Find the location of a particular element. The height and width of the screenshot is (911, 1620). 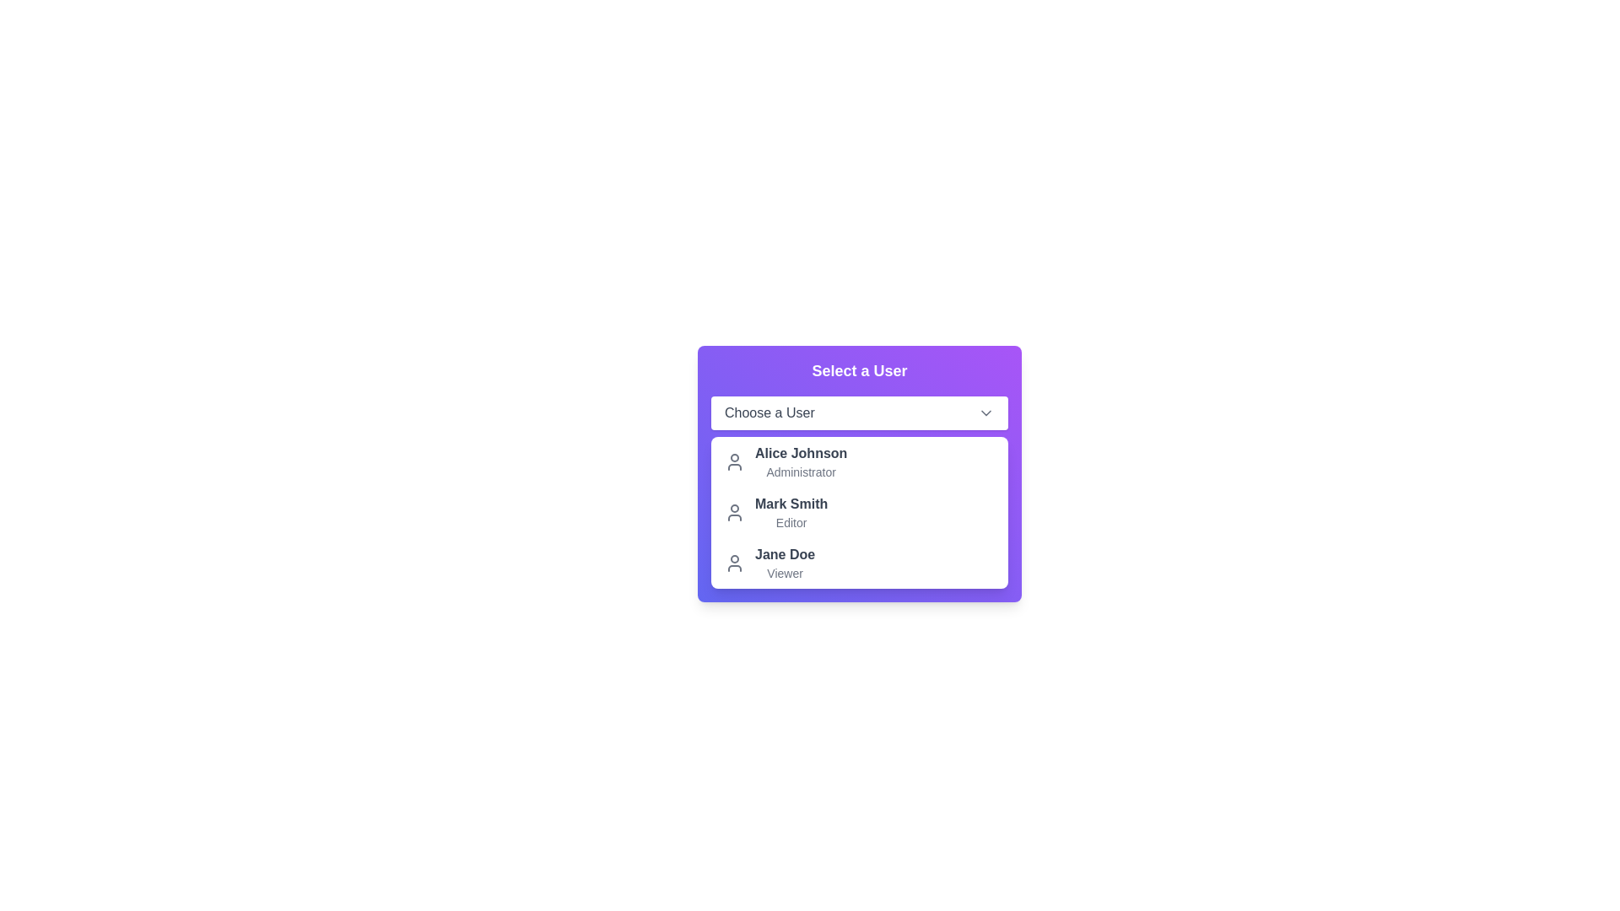

the second user option 'Mark Smith (Editor)' in the dropdown list styled with a white background and rounded corners is located at coordinates (859, 512).